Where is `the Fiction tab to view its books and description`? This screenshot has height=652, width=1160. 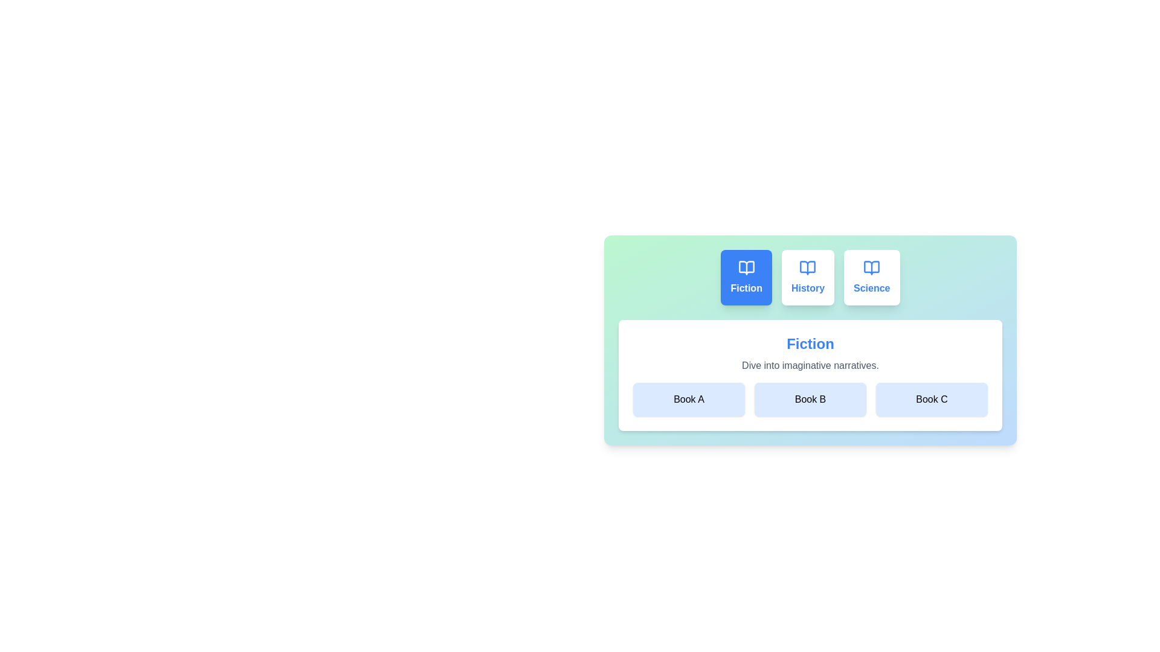 the Fiction tab to view its books and description is located at coordinates (746, 277).